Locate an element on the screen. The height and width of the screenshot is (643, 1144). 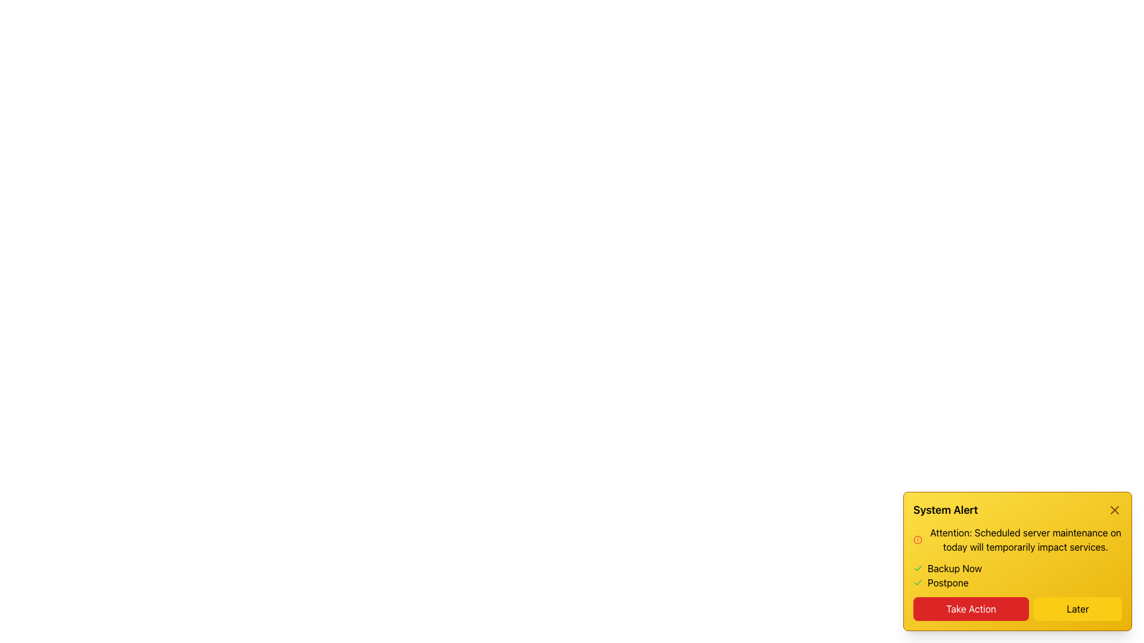
the bold 'System Alert' text label, which is prominently displayed at the top-left corner of the notification box is located at coordinates (945, 509).